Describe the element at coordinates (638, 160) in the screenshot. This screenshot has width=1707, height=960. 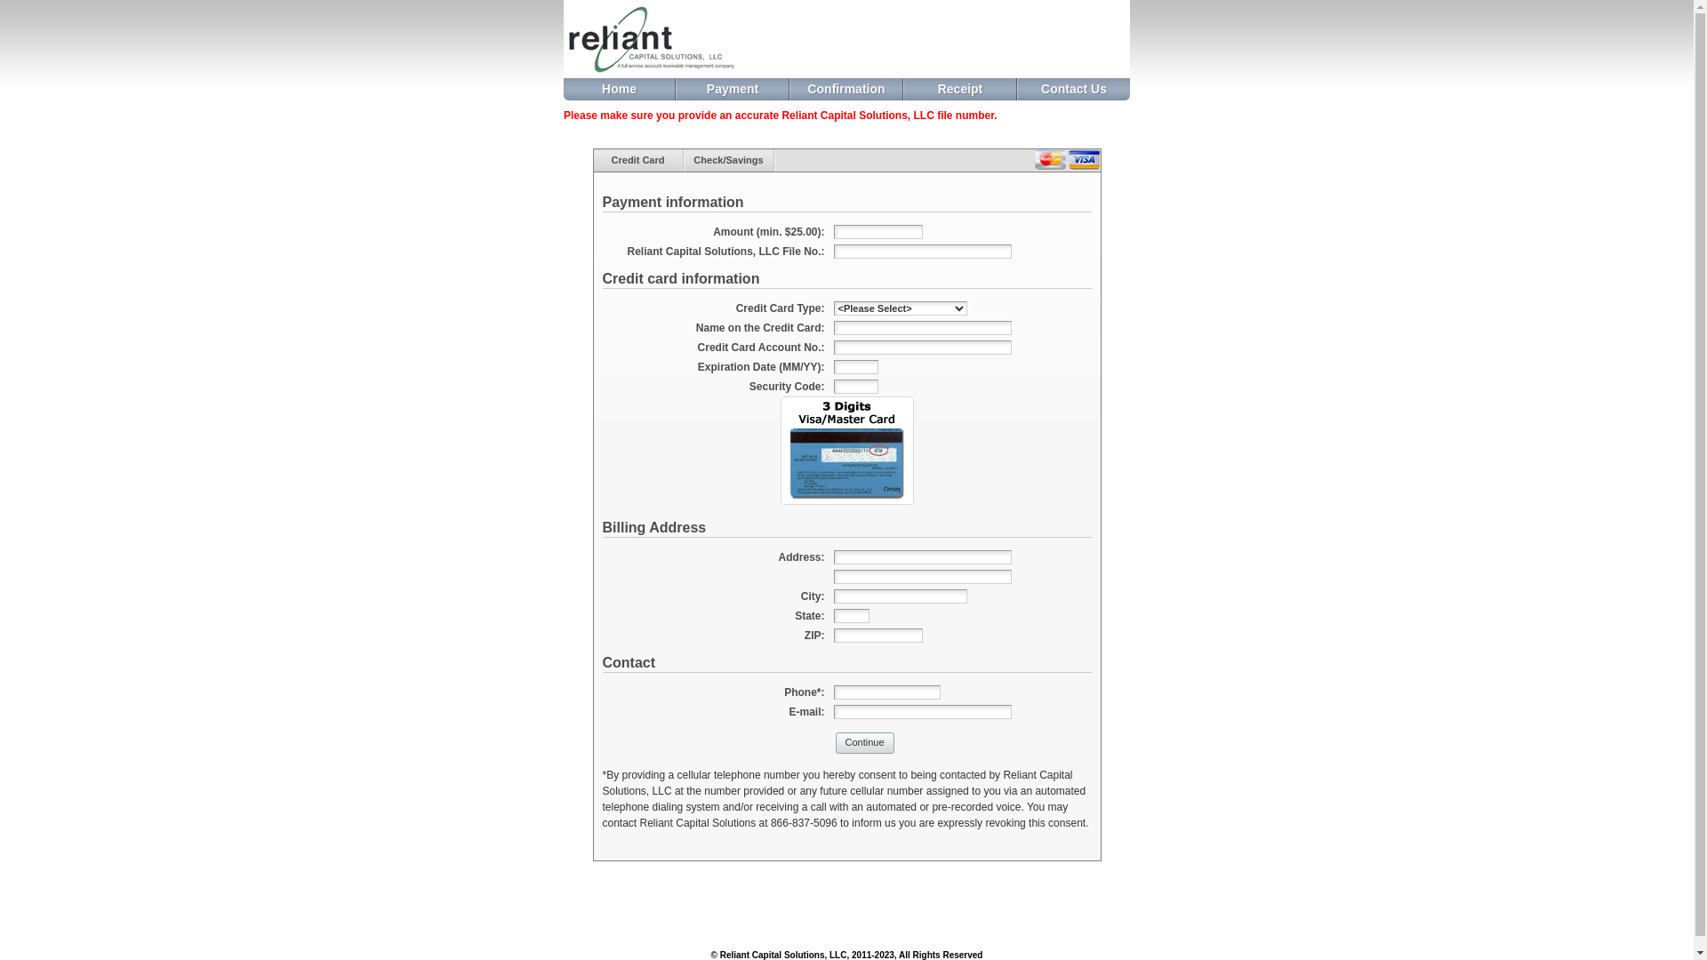
I see `'Credit Card'` at that location.